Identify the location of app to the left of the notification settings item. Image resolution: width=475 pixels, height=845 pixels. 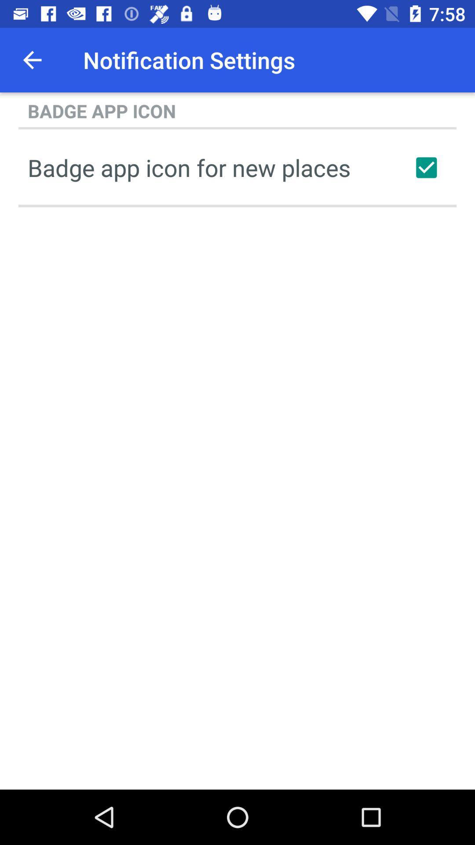
(32, 59).